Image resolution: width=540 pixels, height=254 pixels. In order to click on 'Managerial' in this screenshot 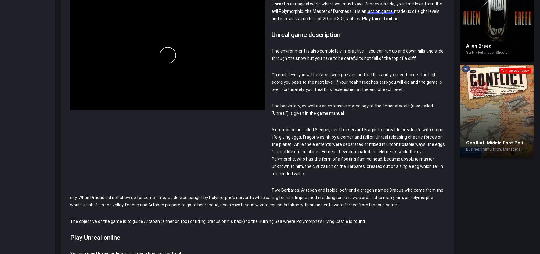, I will do `click(512, 148)`.